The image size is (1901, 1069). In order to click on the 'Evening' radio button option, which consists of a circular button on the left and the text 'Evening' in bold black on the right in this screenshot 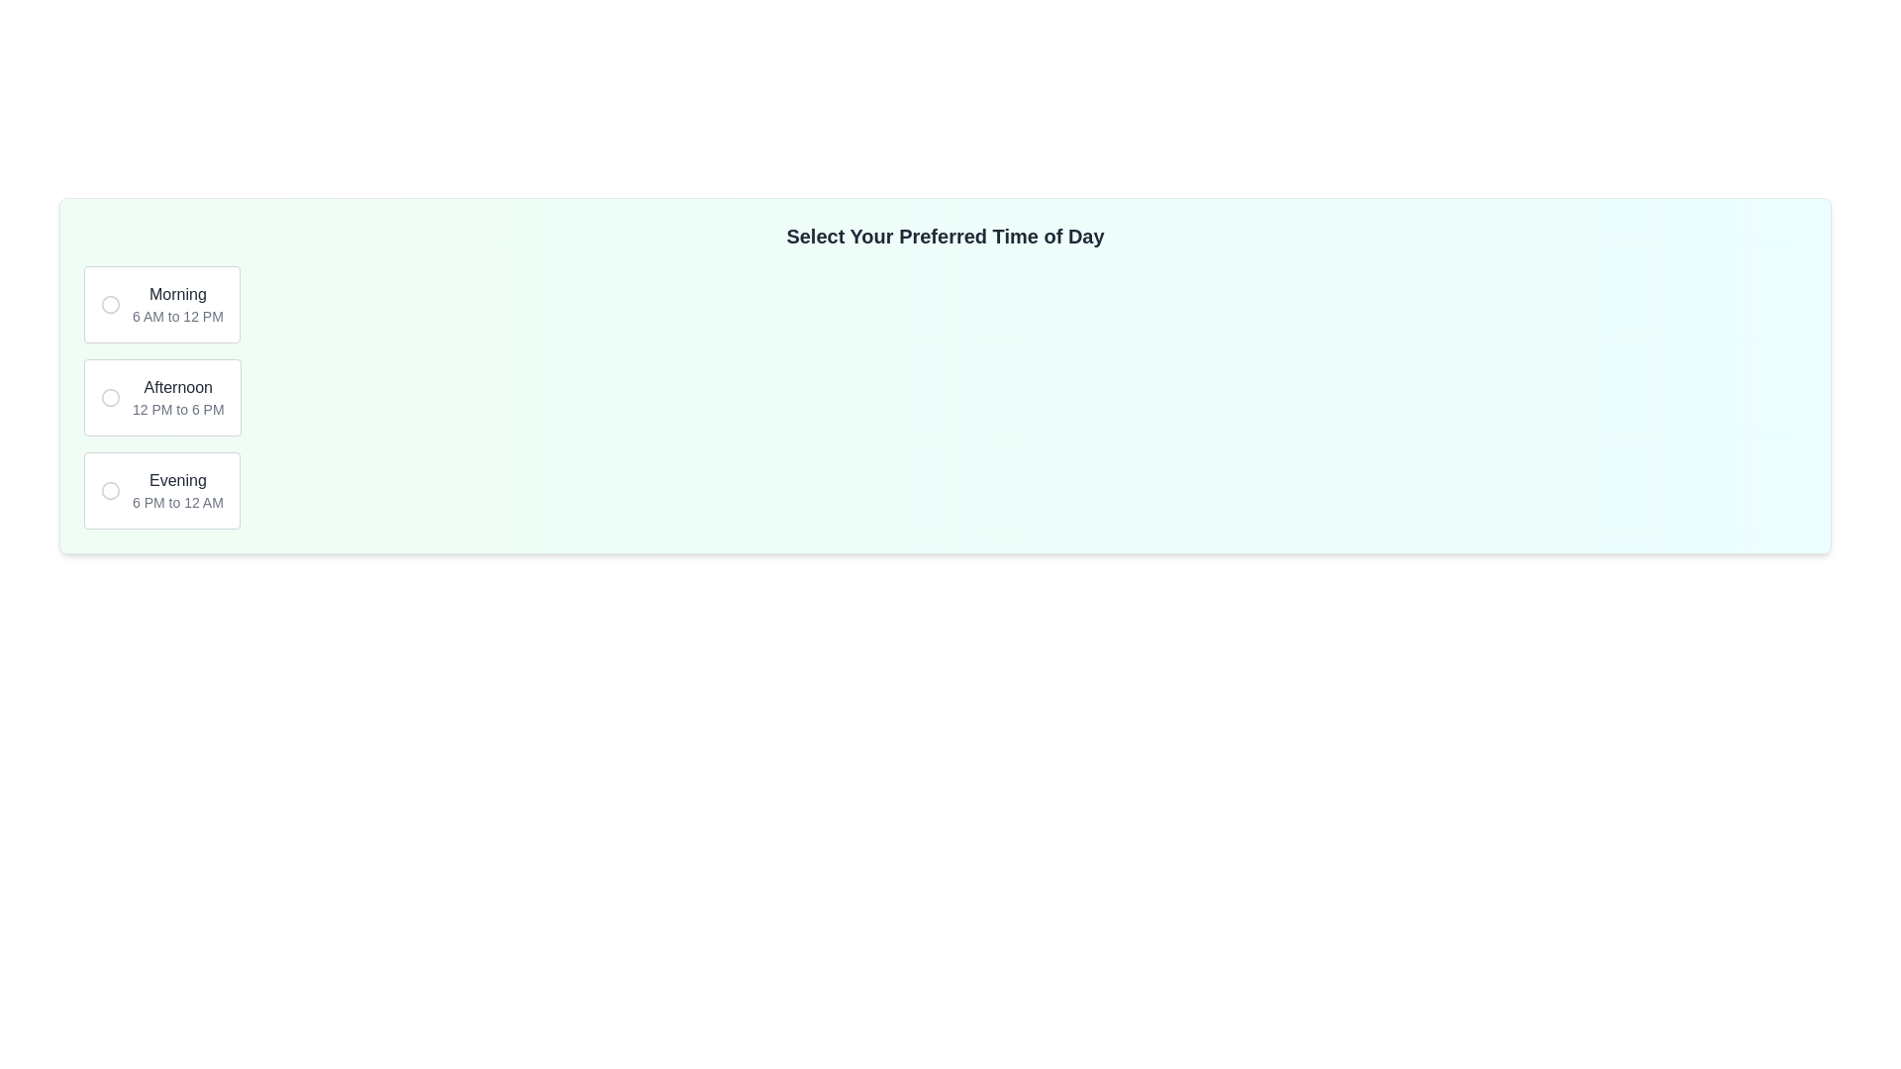, I will do `click(161, 490)`.